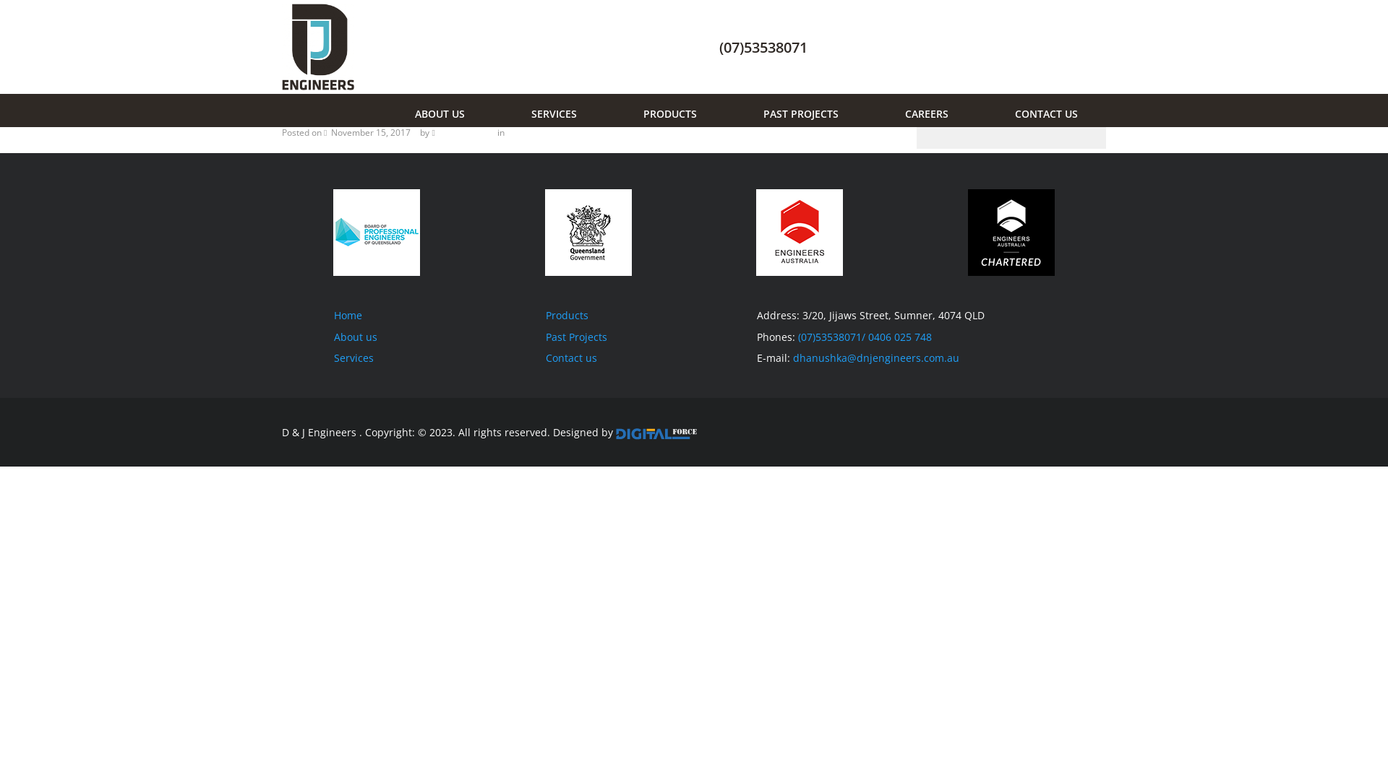  I want to click on 'Products', so click(565, 314).